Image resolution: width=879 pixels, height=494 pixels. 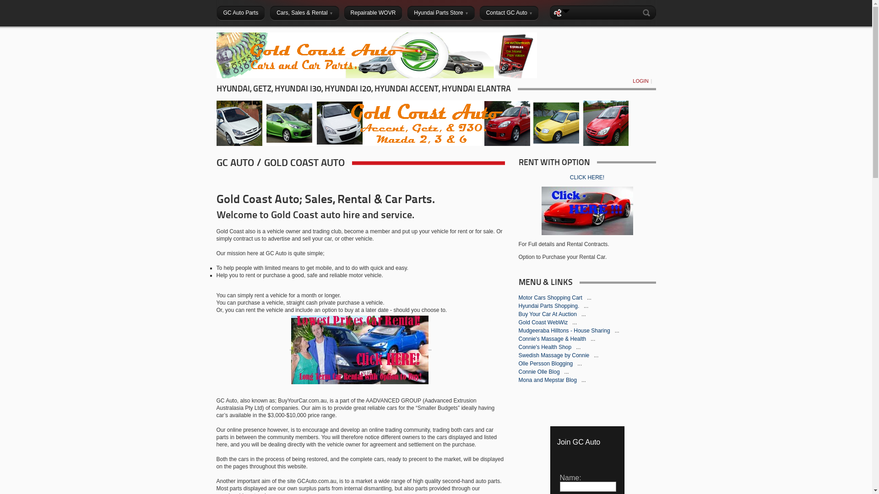 What do you see at coordinates (518, 363) in the screenshot?
I see `'Olle Persson Blogging'` at bounding box center [518, 363].